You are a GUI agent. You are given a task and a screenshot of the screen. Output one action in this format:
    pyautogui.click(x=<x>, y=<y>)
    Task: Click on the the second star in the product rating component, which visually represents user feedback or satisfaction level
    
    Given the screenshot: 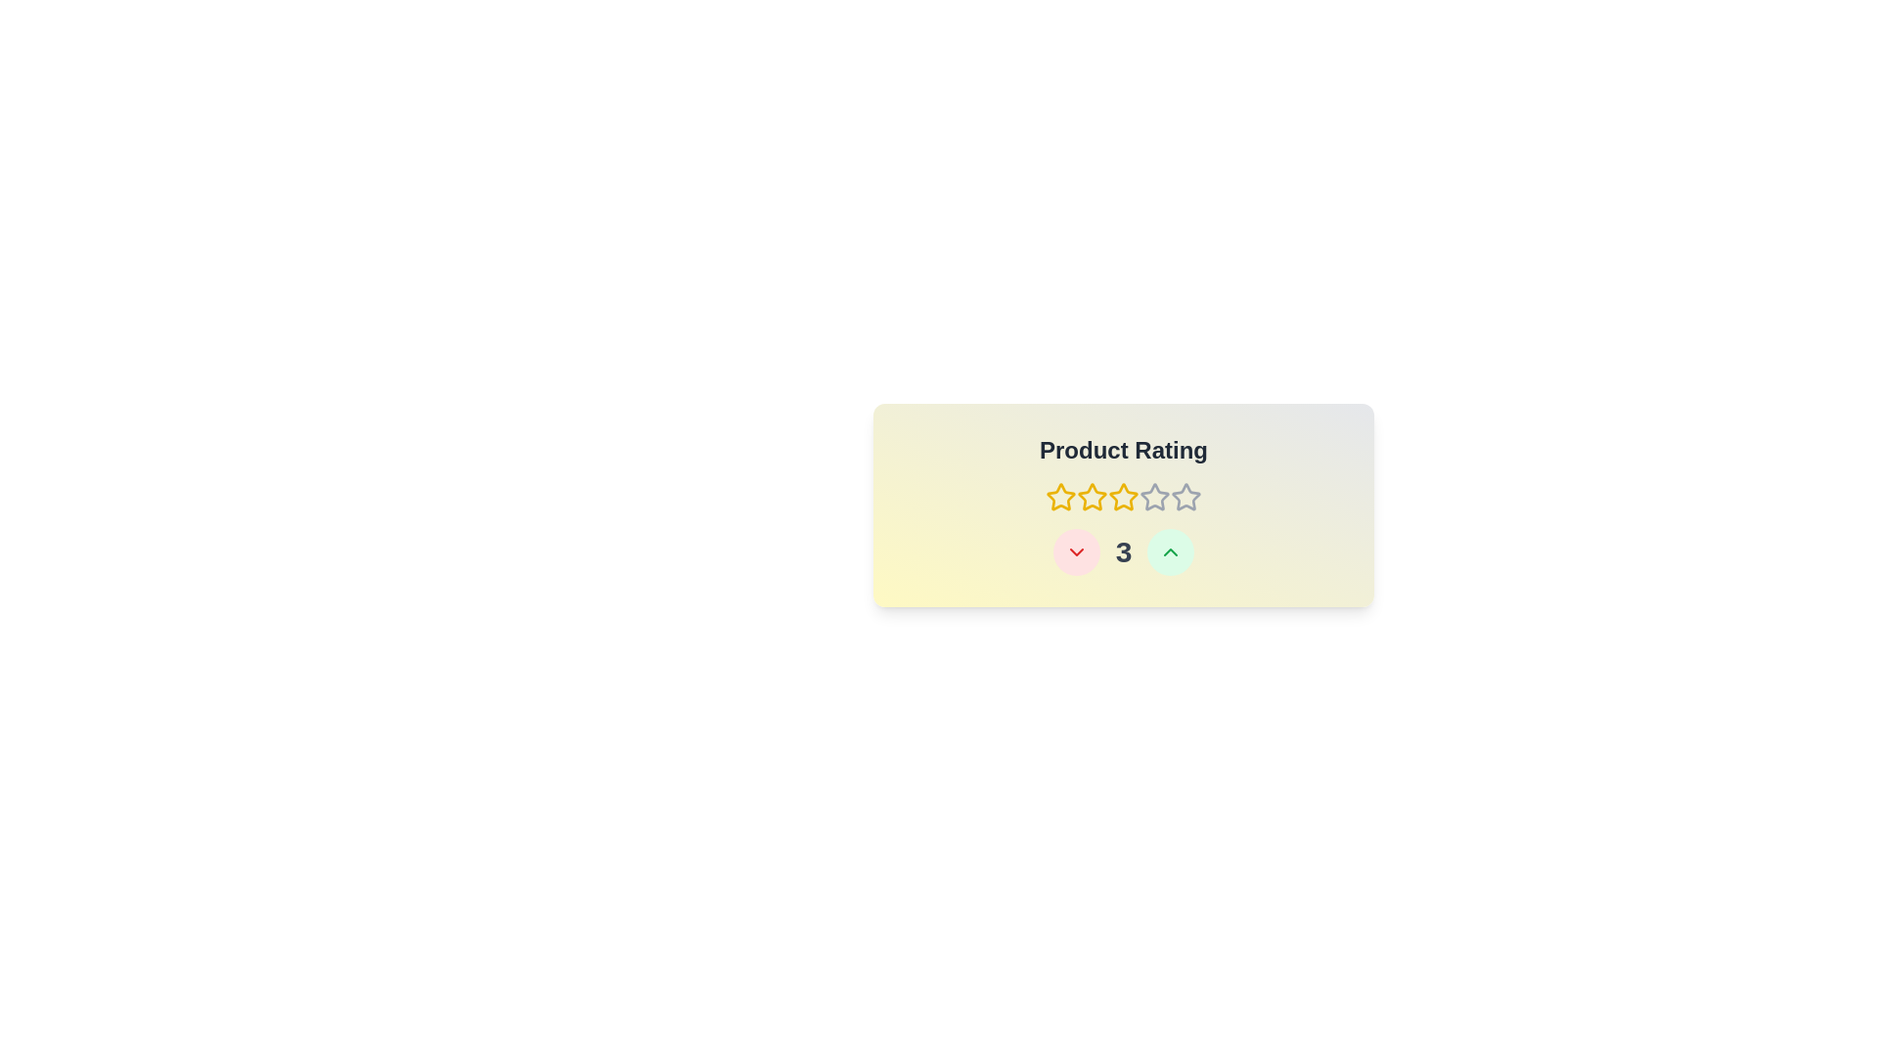 What is the action you would take?
    pyautogui.click(x=1123, y=496)
    